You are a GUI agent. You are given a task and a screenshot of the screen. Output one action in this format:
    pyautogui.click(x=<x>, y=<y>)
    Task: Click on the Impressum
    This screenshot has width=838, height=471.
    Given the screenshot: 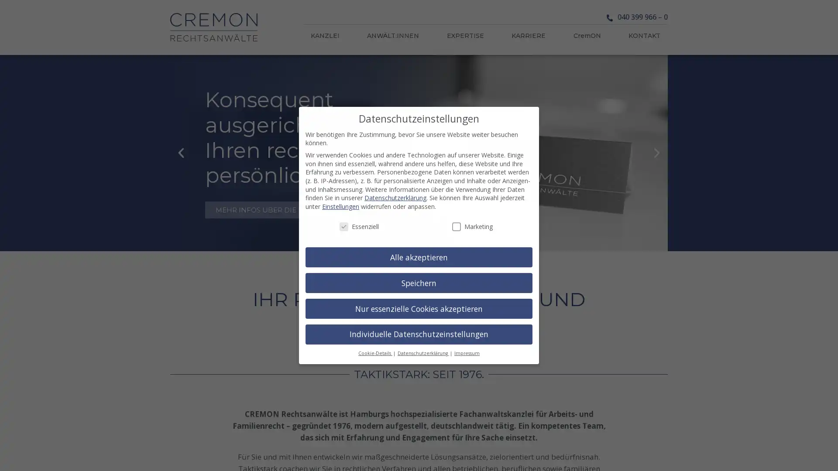 What is the action you would take?
    pyautogui.click(x=467, y=353)
    